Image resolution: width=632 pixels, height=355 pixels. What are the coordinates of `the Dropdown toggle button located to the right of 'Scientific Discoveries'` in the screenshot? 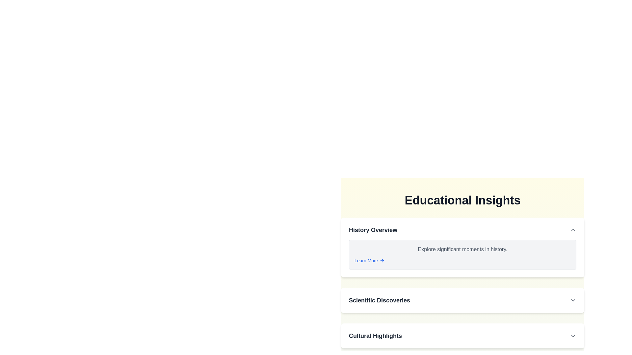 It's located at (573, 300).